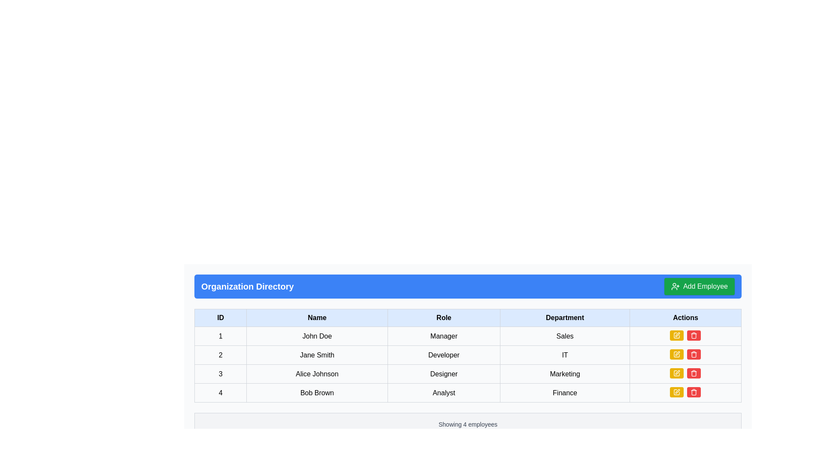 The height and width of the screenshot is (464, 824). What do you see at coordinates (677, 372) in the screenshot?
I see `the yellow edit button located in the Actions column of the 'Marketing' row` at bounding box center [677, 372].